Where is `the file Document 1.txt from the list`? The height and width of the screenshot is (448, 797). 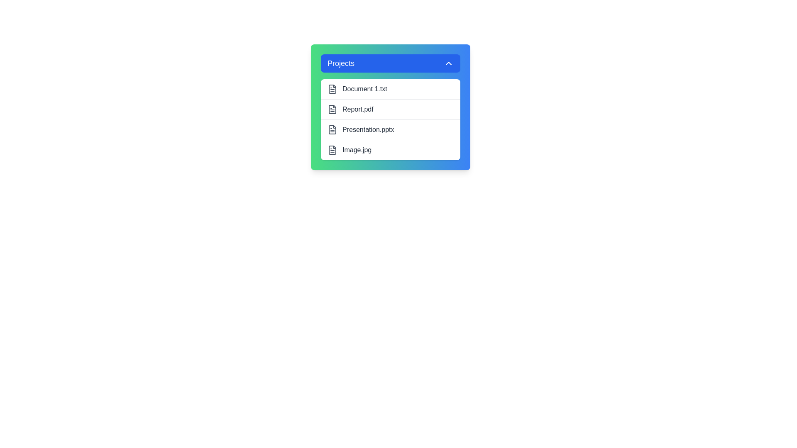
the file Document 1.txt from the list is located at coordinates (390, 89).